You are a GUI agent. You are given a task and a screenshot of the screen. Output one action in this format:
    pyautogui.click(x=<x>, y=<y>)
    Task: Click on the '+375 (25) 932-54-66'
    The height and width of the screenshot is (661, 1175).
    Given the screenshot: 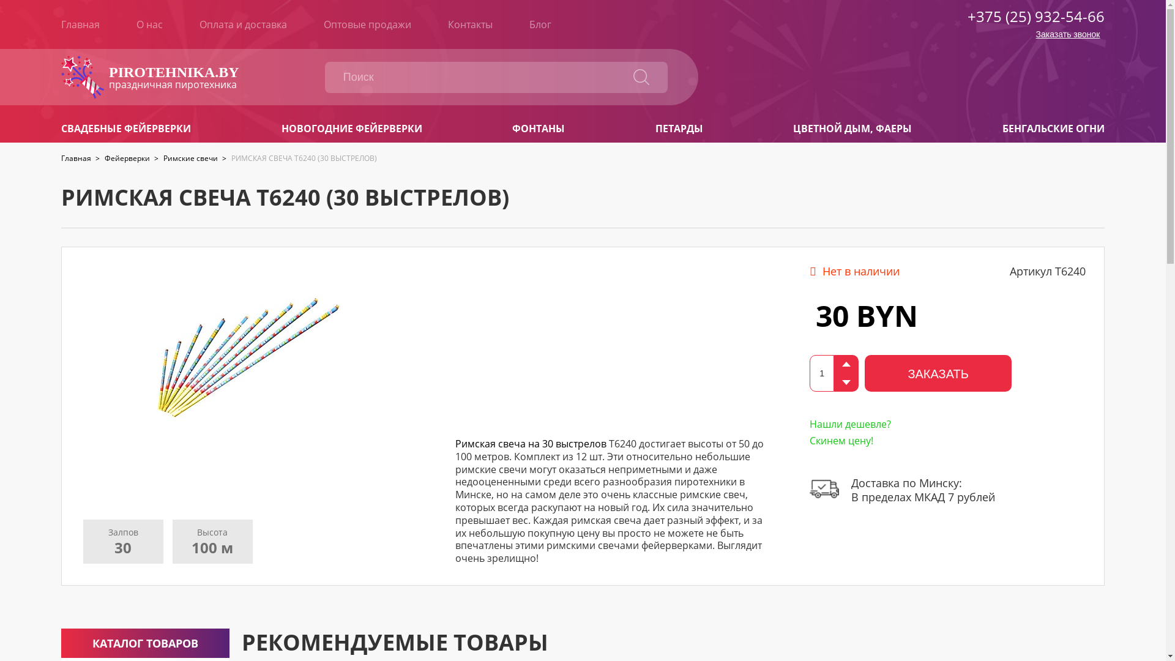 What is the action you would take?
    pyautogui.click(x=966, y=17)
    